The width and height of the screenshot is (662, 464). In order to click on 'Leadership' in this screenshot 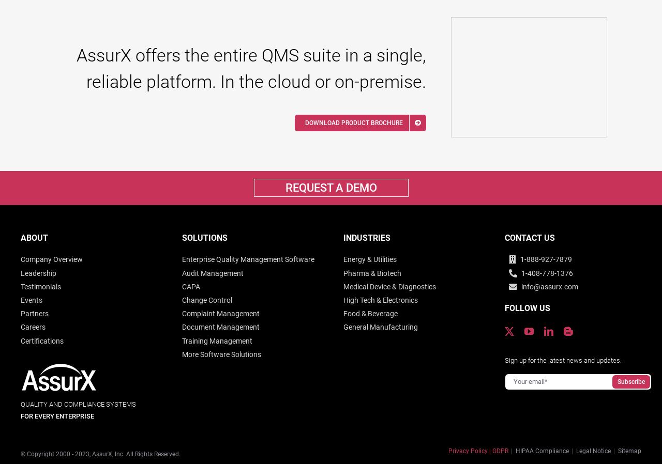, I will do `click(38, 272)`.